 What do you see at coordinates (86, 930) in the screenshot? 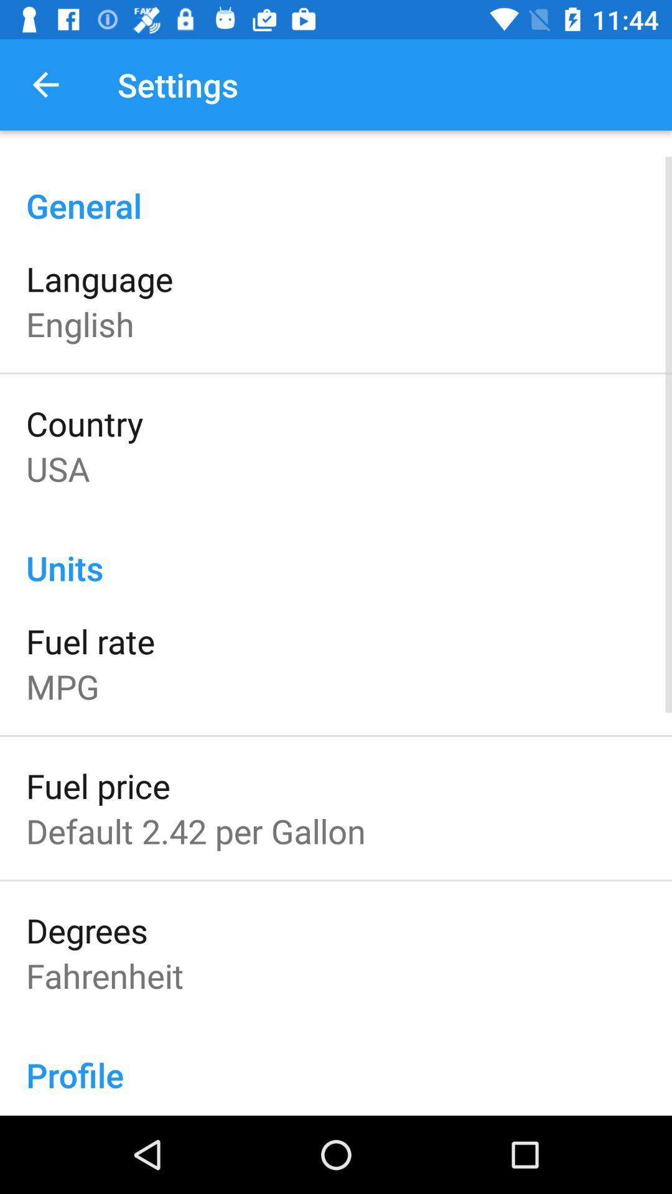
I see `the item above the fahrenheit` at bounding box center [86, 930].